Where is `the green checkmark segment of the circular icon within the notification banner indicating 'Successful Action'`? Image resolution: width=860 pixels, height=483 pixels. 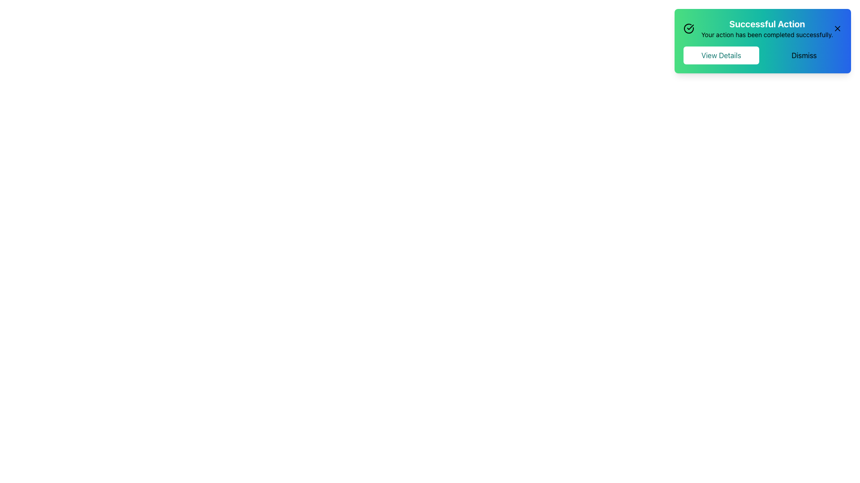
the green checkmark segment of the circular icon within the notification banner indicating 'Successful Action' is located at coordinates (688, 28).